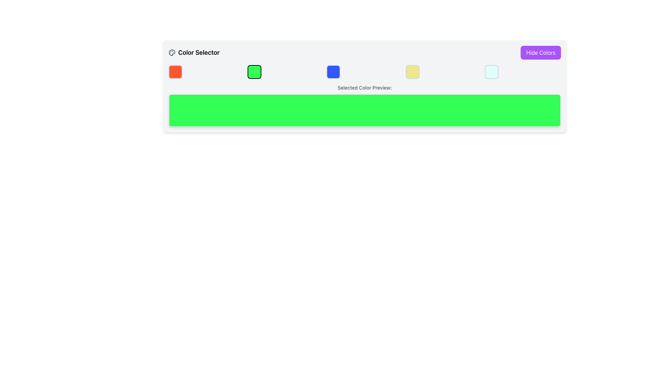  Describe the element at coordinates (491, 72) in the screenshot. I see `the last selectable color option in the color picker interface` at that location.